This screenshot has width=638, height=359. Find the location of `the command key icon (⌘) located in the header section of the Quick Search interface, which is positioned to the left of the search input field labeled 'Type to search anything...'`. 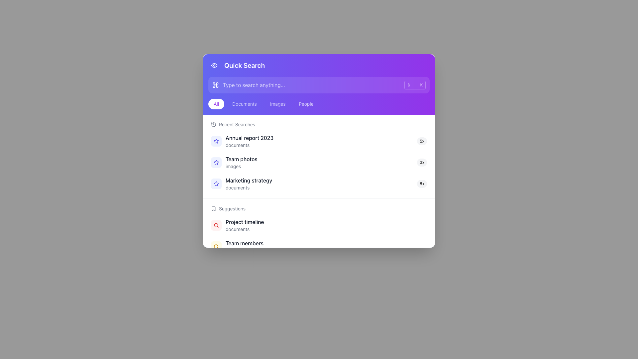

the command key icon (⌘) located in the header section of the Quick Search interface, which is positioned to the left of the search input field labeled 'Type to search anything...' is located at coordinates (215, 84).